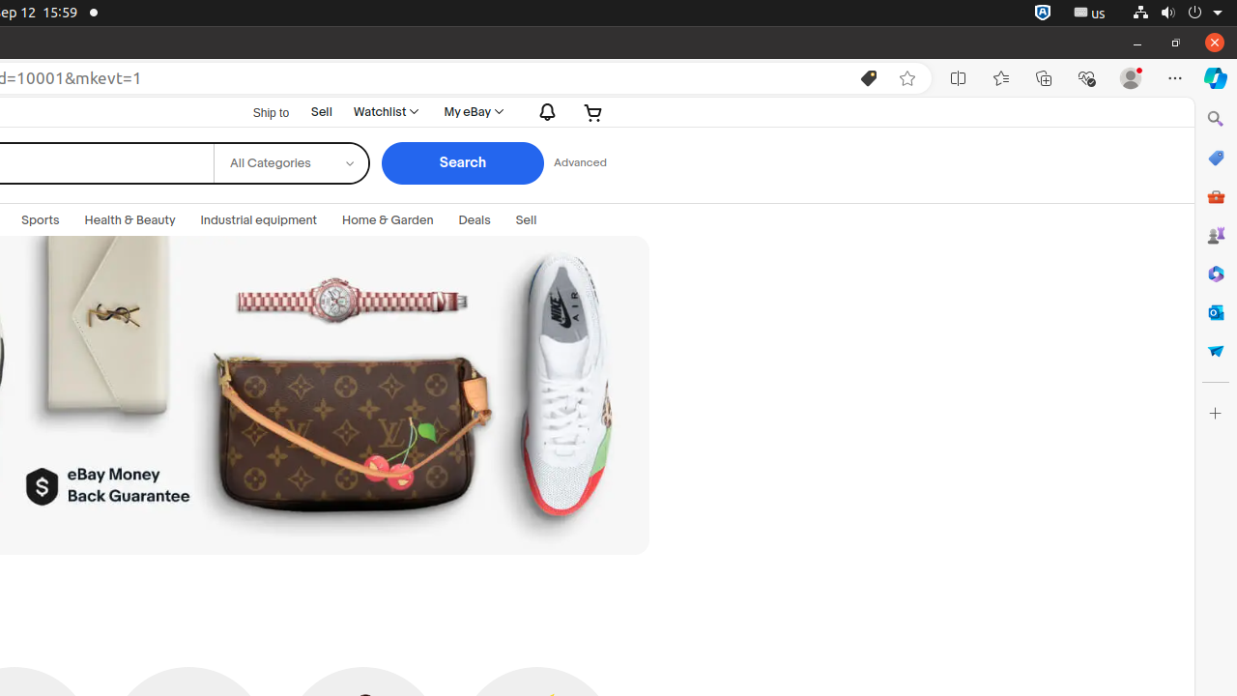 This screenshot has width=1237, height=696. Describe the element at coordinates (959, 77) in the screenshot. I see `'Split screen'` at that location.